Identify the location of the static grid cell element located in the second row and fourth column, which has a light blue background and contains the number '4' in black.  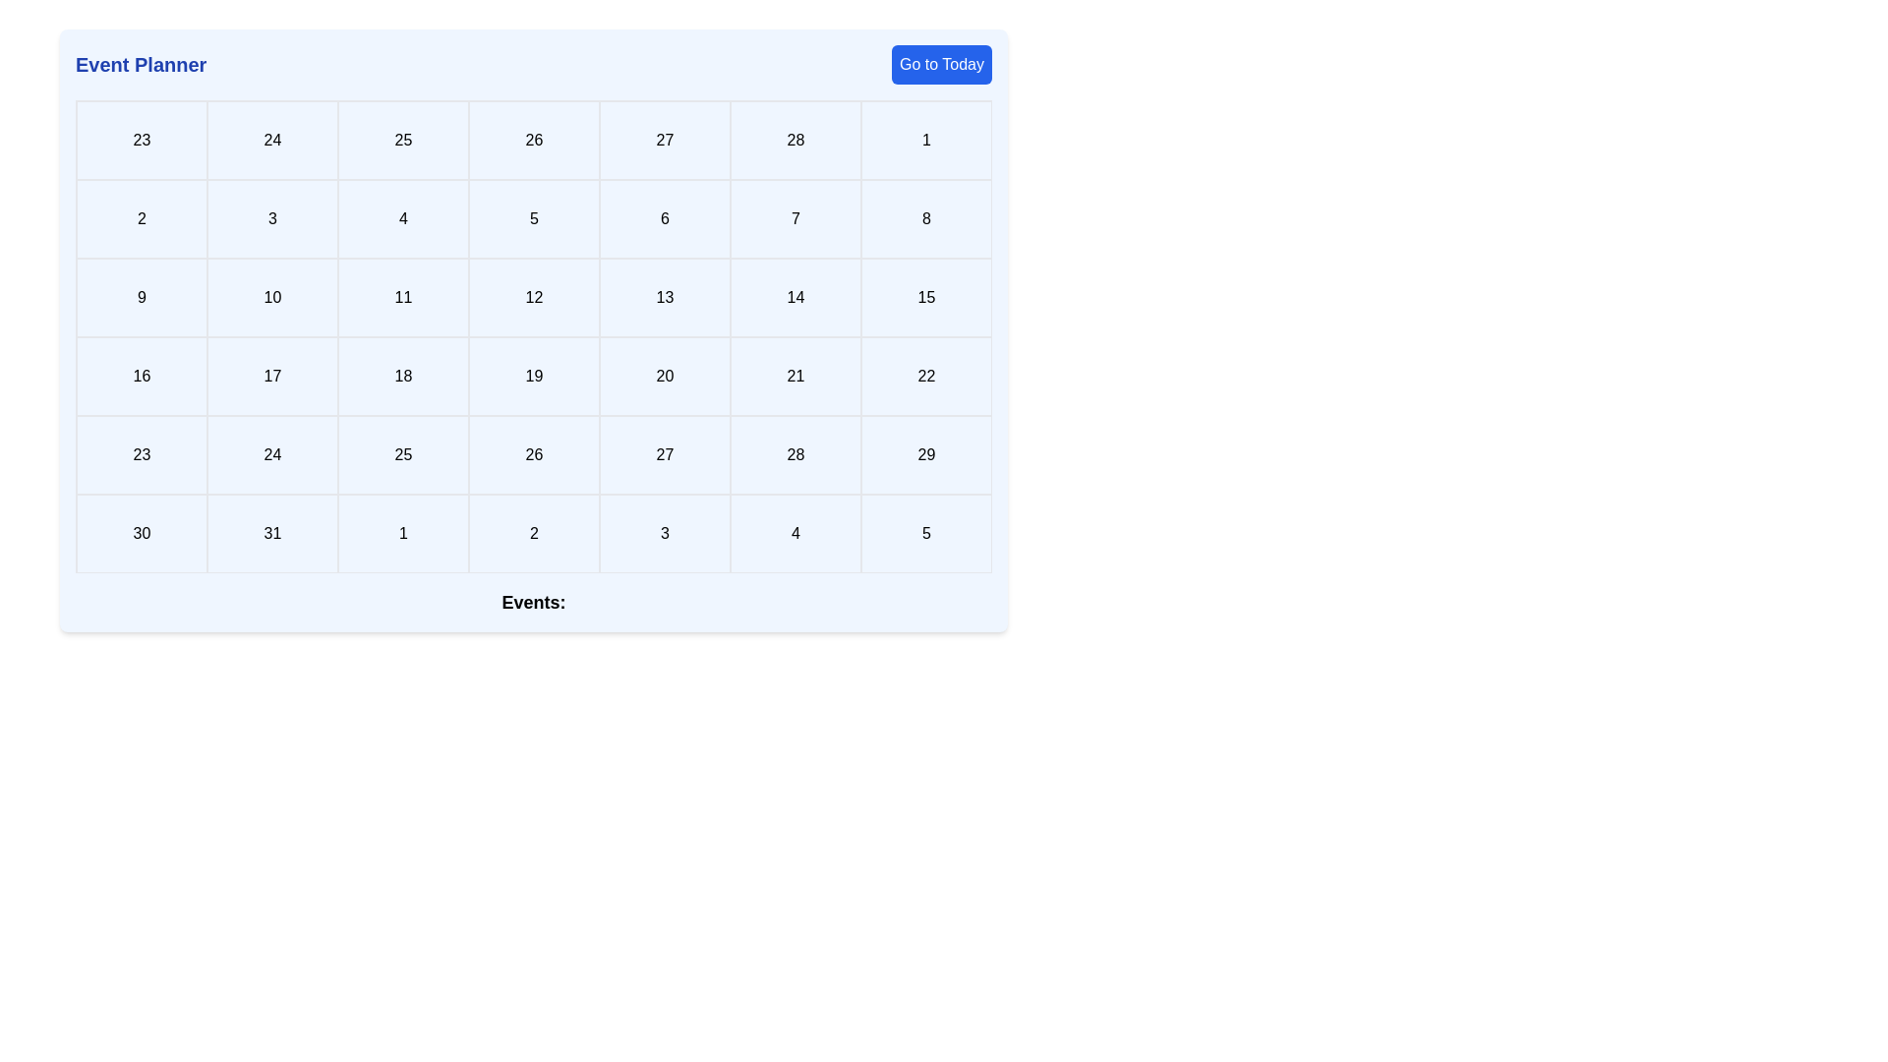
(402, 219).